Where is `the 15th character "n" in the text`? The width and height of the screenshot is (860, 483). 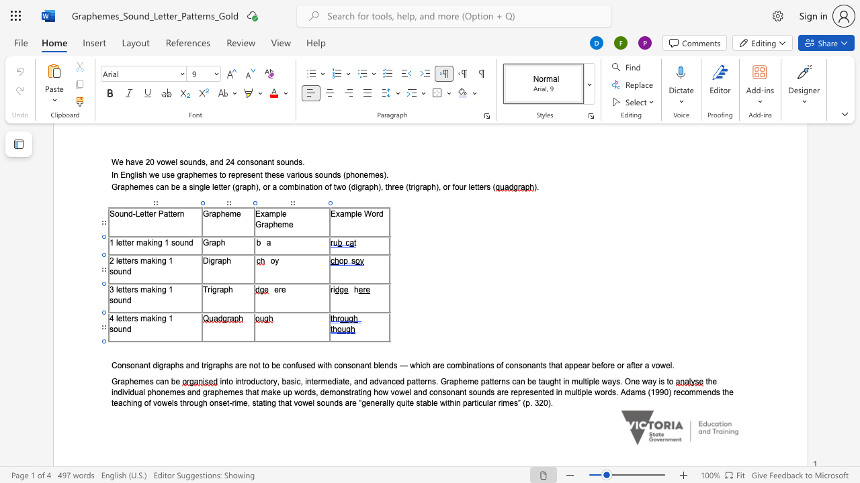
the 15th character "n" in the text is located at coordinates (538, 365).